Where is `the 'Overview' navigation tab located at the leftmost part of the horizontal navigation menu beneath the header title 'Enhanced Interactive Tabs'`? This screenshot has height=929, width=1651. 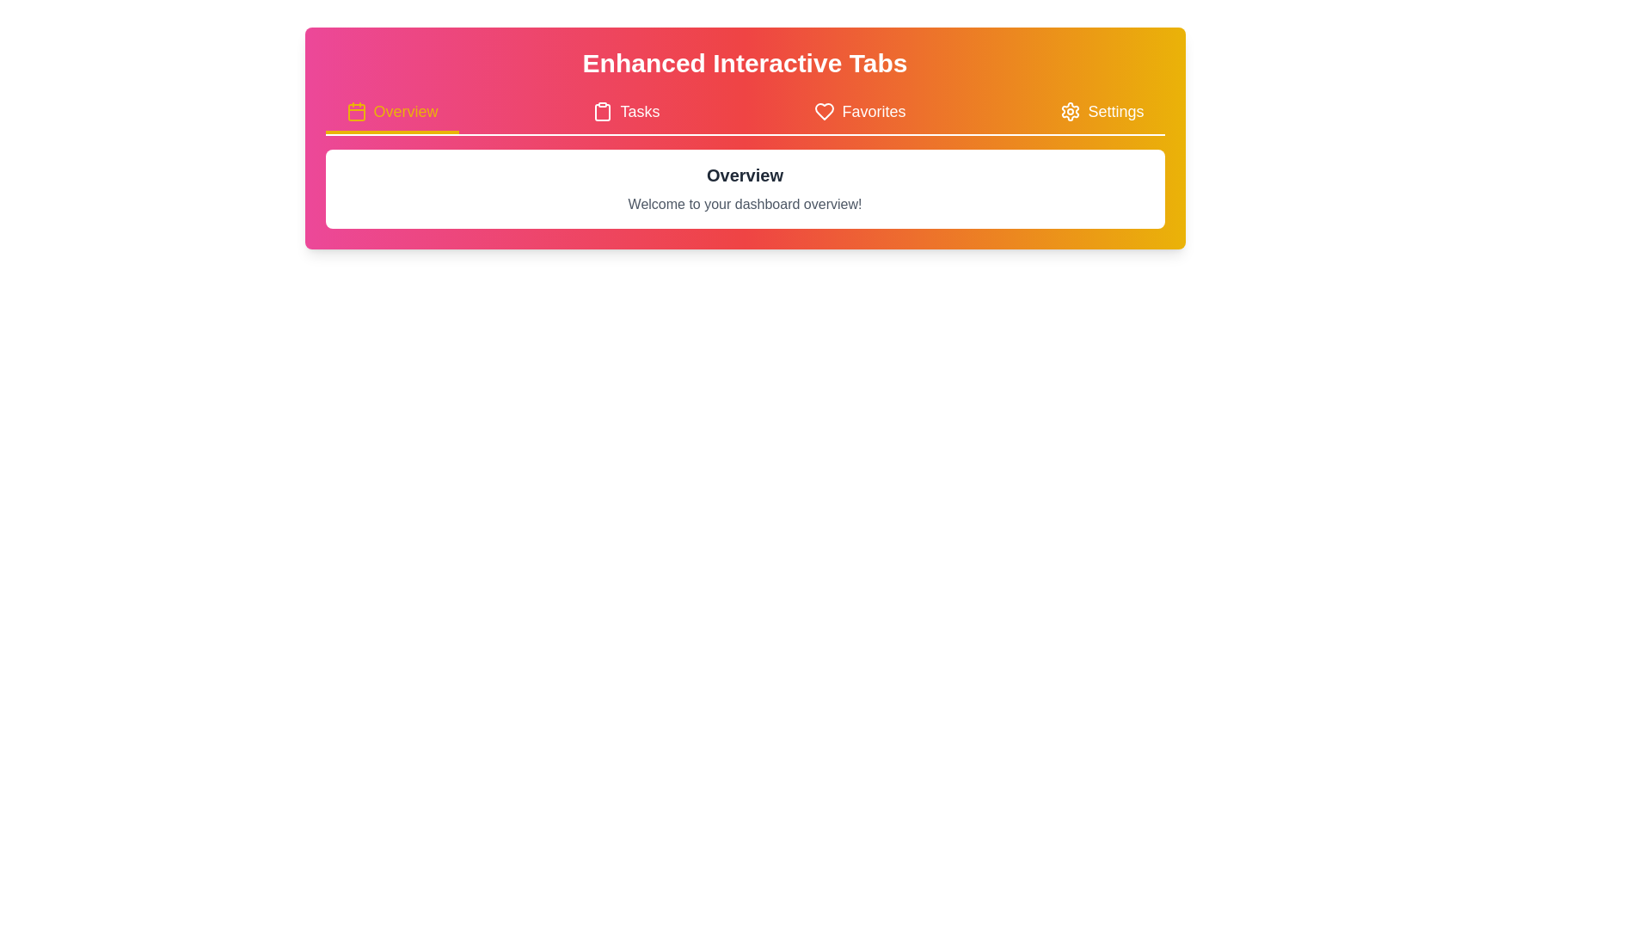
the 'Overview' navigation tab located at the leftmost part of the horizontal navigation menu beneath the header title 'Enhanced Interactive Tabs' is located at coordinates (391, 113).